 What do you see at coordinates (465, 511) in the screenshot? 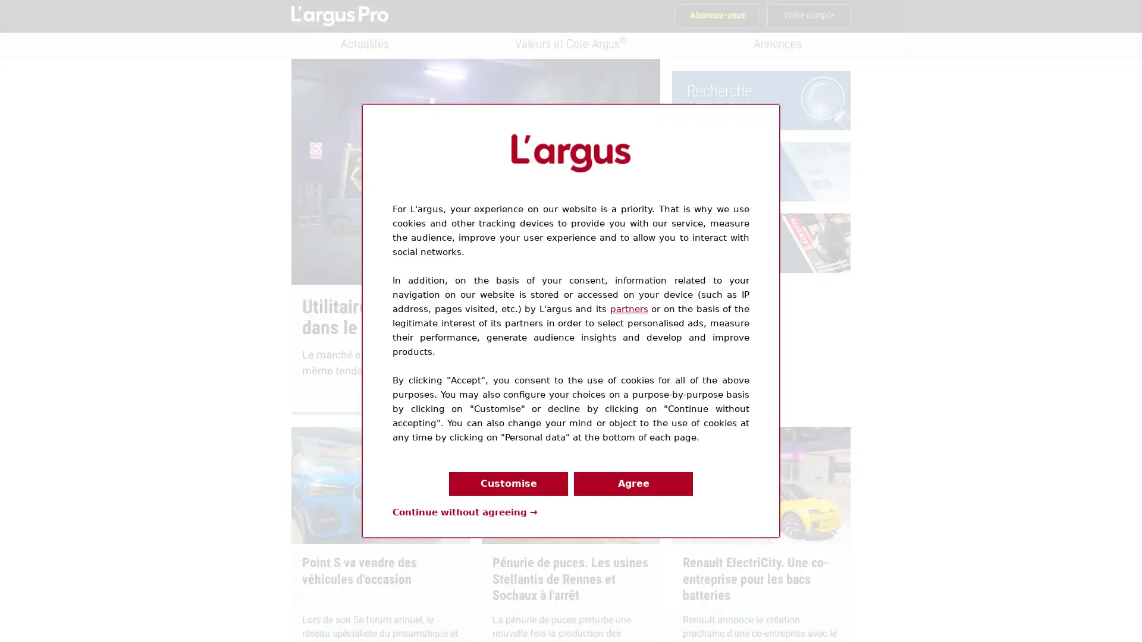
I see `Continue without agreeing` at bounding box center [465, 511].